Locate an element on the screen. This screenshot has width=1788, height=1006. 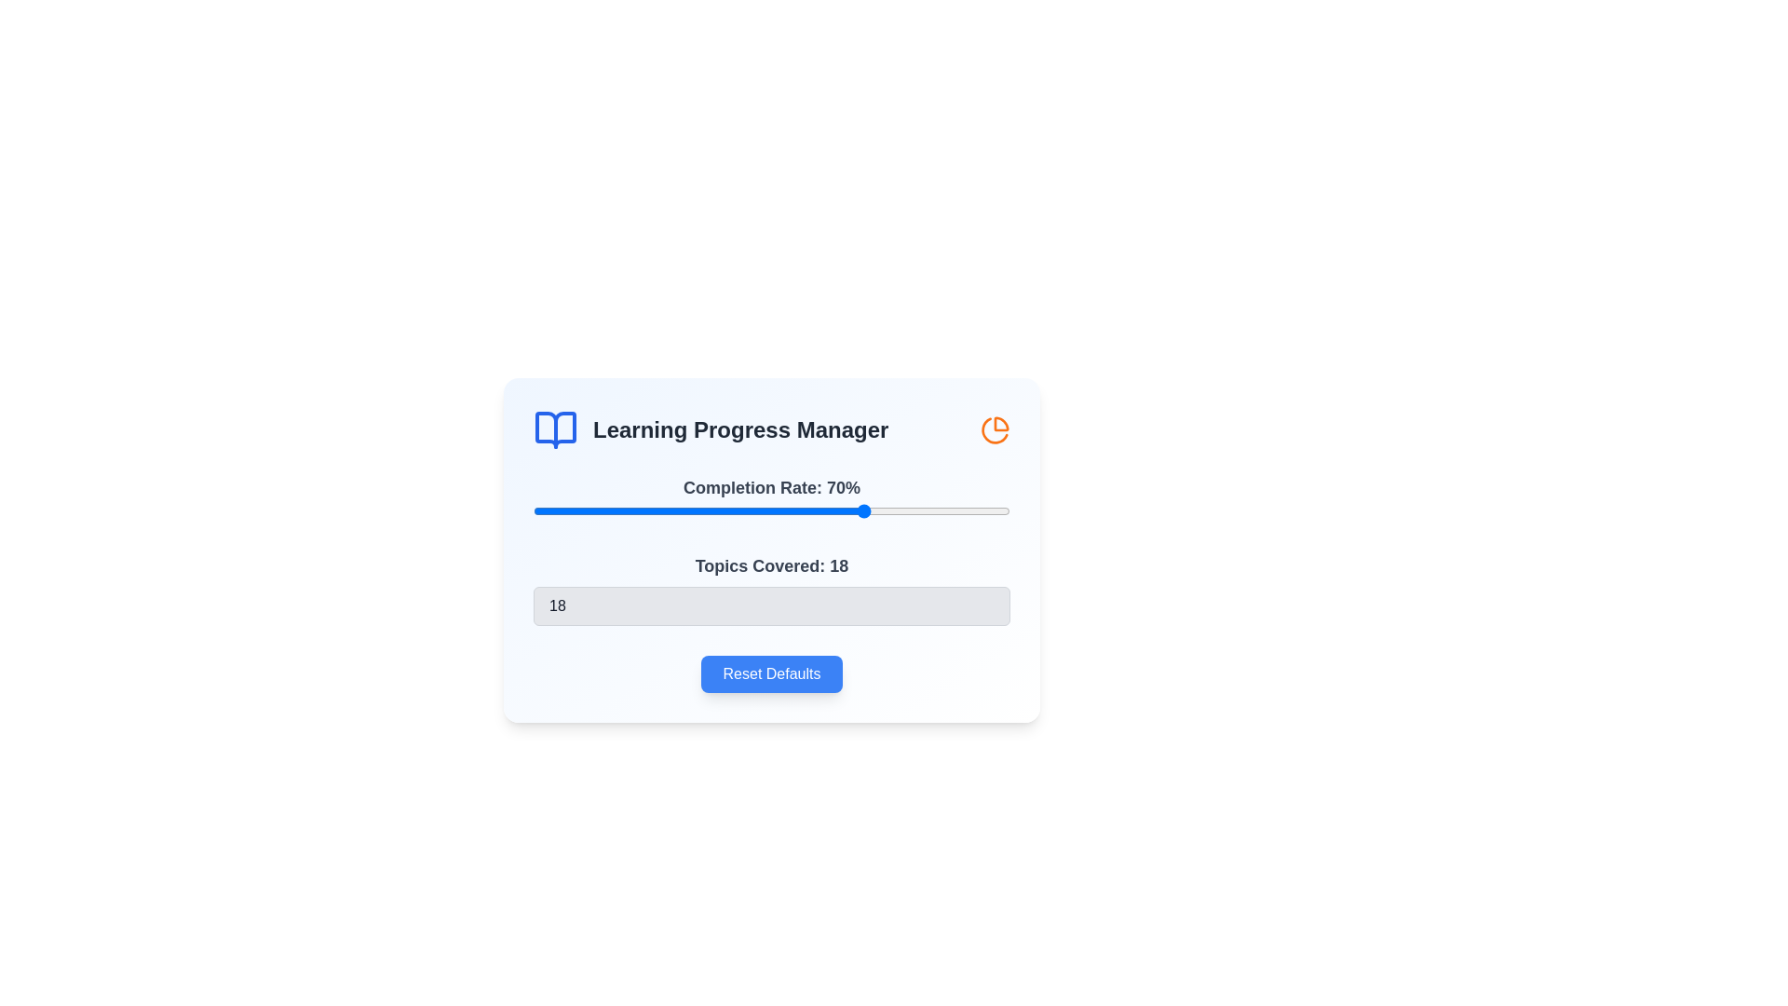
the completion rate slider to 29% is located at coordinates (670, 510).